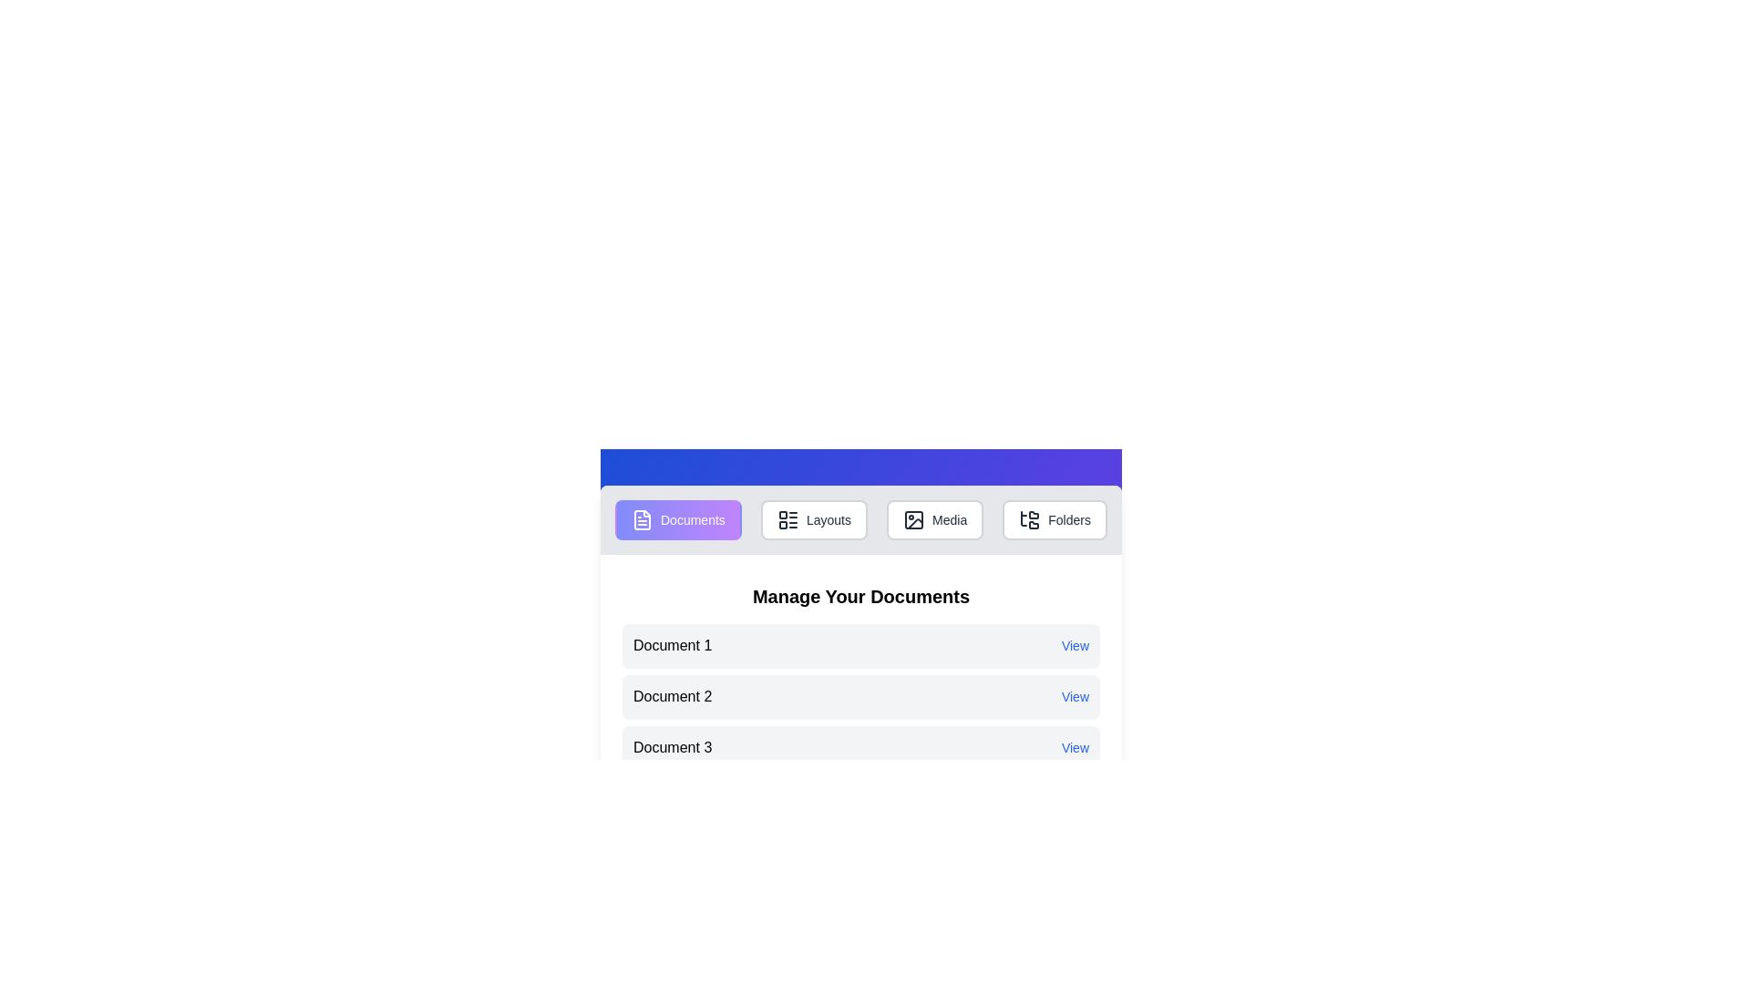  I want to click on the 'Media' button, so click(935, 519).